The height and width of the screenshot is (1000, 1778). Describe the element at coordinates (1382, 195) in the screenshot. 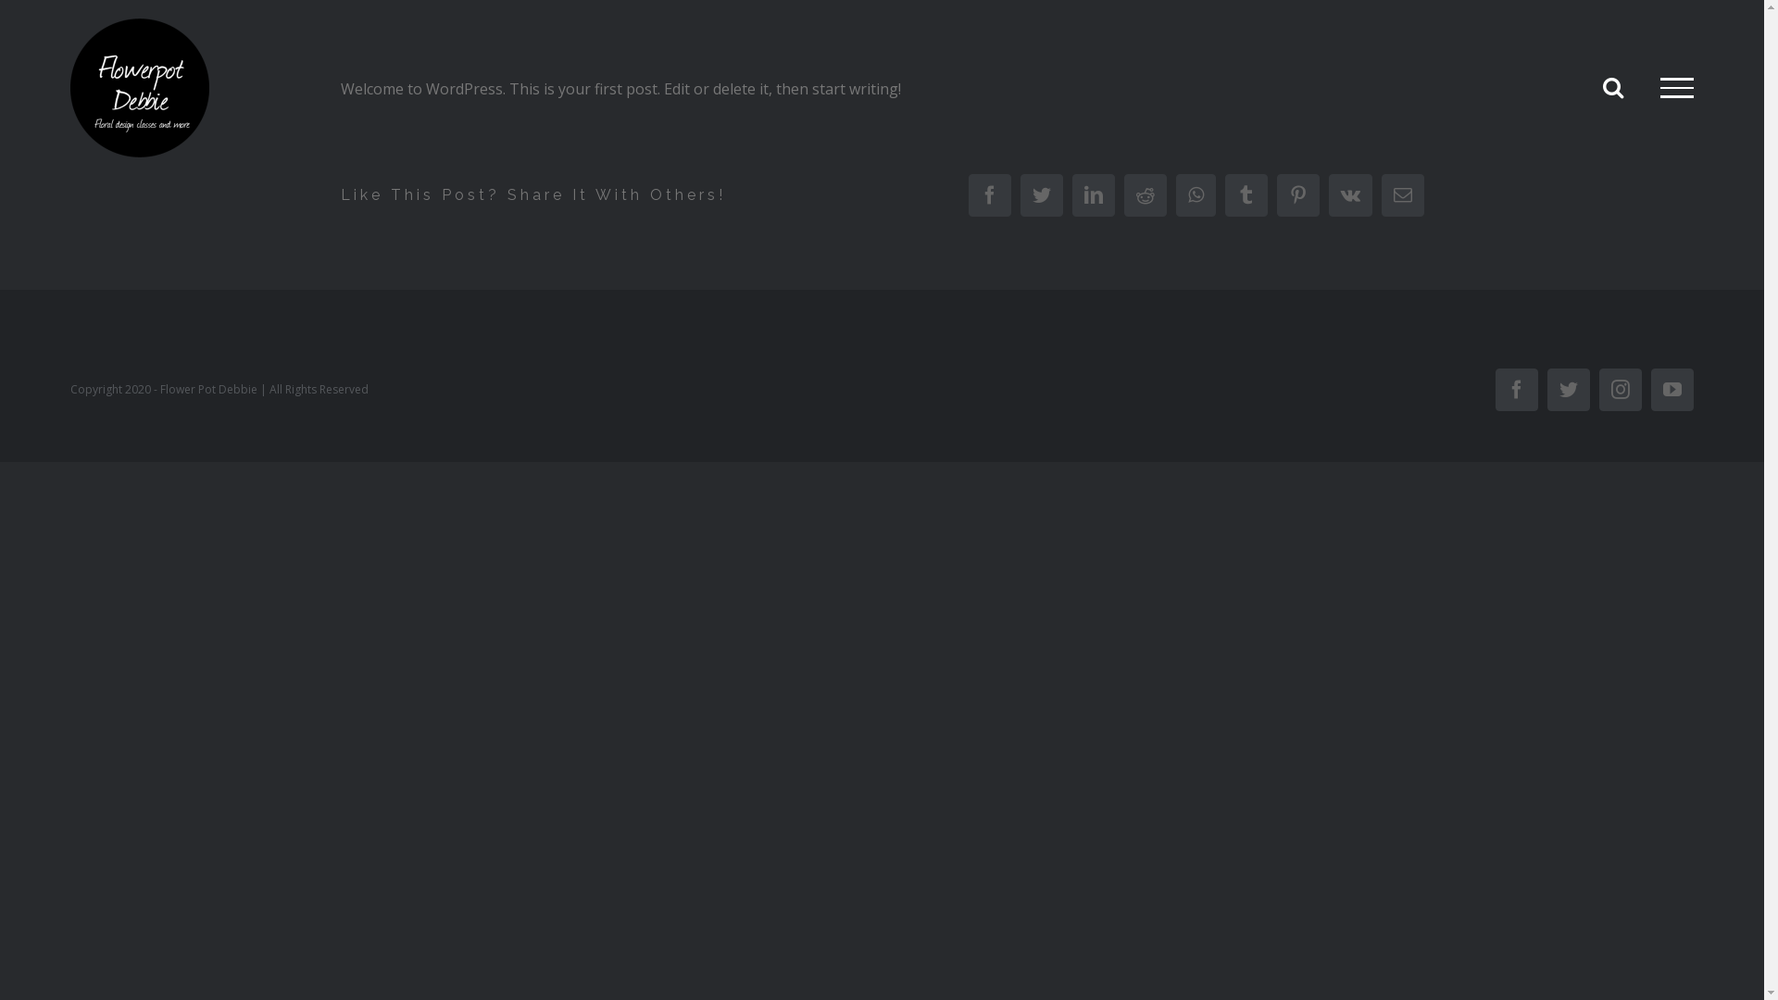

I see `'Email'` at that location.